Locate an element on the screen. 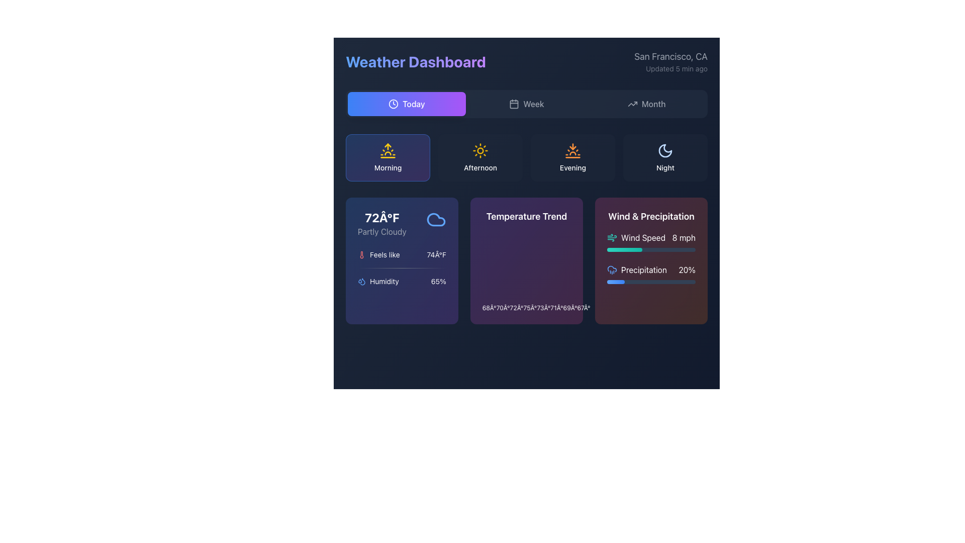 This screenshot has width=965, height=543. the Data visualization element displaying '75Â°' with a gradient fill from purple to pink, located in the 'Temperature Trend' panel is located at coordinates (530, 306).